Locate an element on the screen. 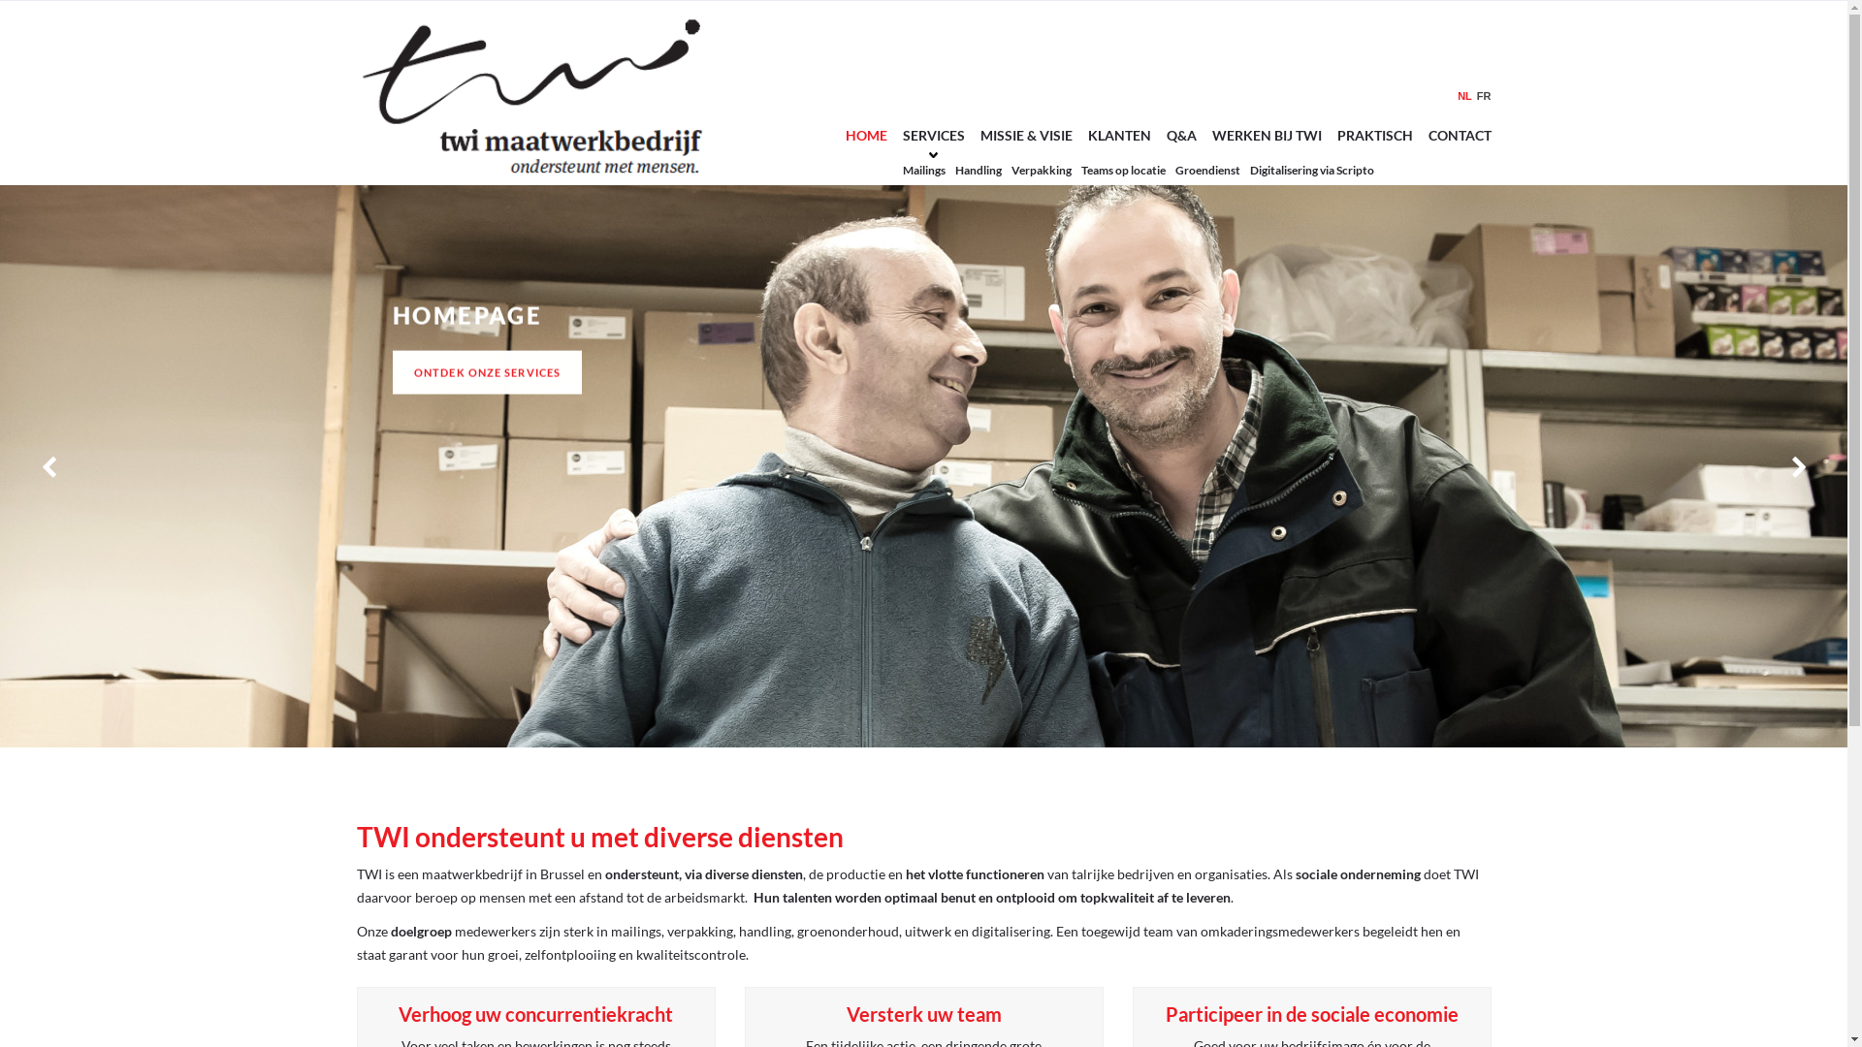  'KLANTEN' is located at coordinates (1119, 135).